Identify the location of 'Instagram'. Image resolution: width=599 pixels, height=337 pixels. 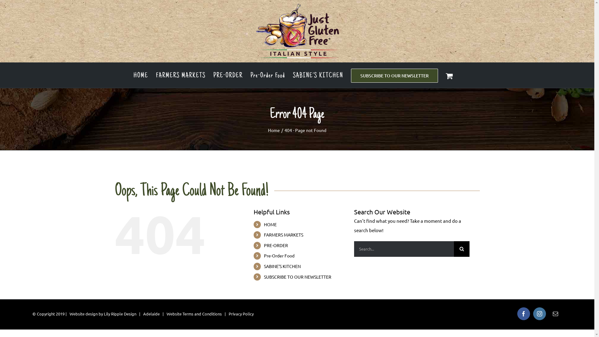
(539, 314).